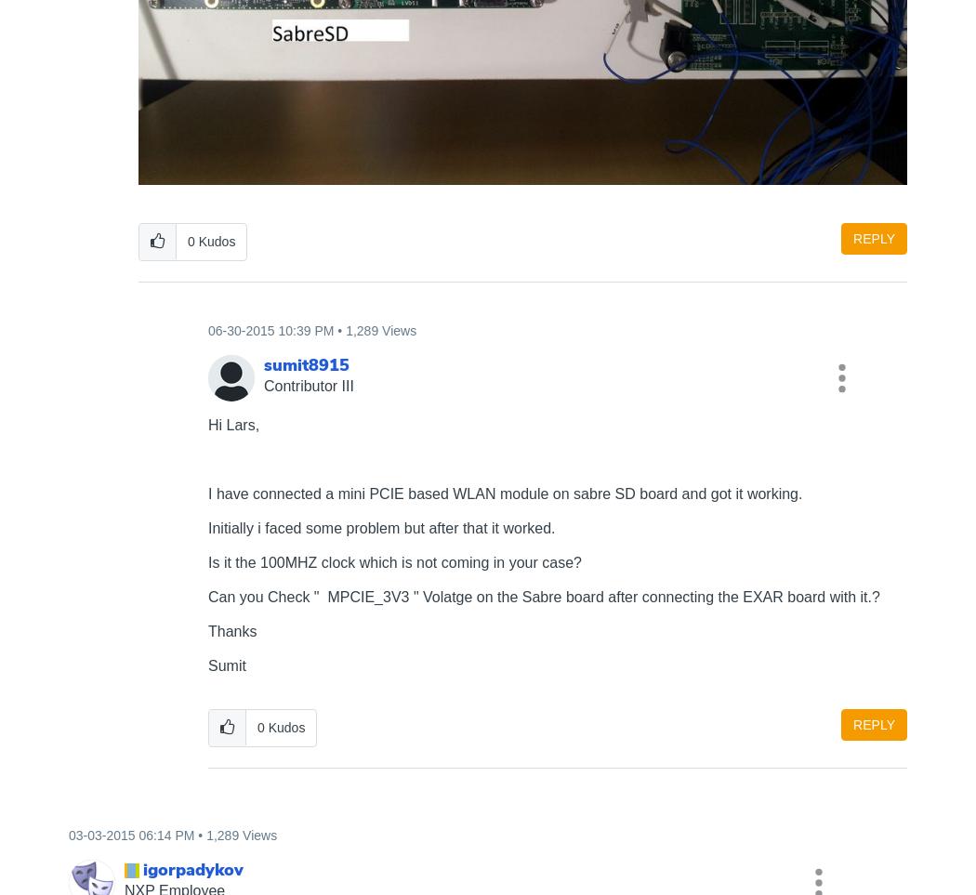  Describe the element at coordinates (305, 328) in the screenshot. I see `'10:39 PM'` at that location.